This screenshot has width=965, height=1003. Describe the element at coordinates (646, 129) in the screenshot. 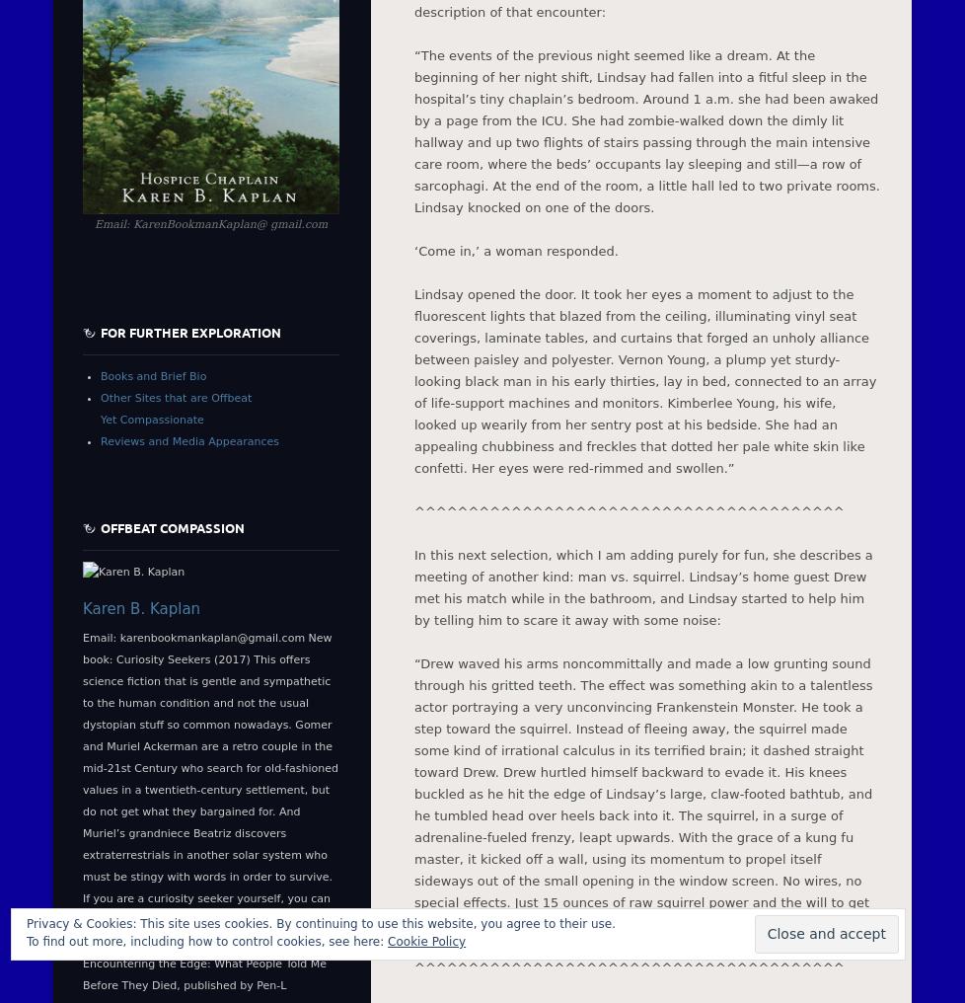

I see `'“The events of the previous night seemed like a dream. At the beginning of her night shift, Lindsay had fallen into a fitful sleep in the hospital’s tiny chaplain’s bedroom. Around 1 a.m. she had been awaked by a page from the ICU. She had zombie-walked down the dimly lit hallway and up two flights of stairs passing through the main intensive care room, where the beds’ occupants lay sleeping and still—a row of sarcophagi. At the end of the room, a little hall led to two private rooms. Lindsay knocked on one of the doors.'` at that location.